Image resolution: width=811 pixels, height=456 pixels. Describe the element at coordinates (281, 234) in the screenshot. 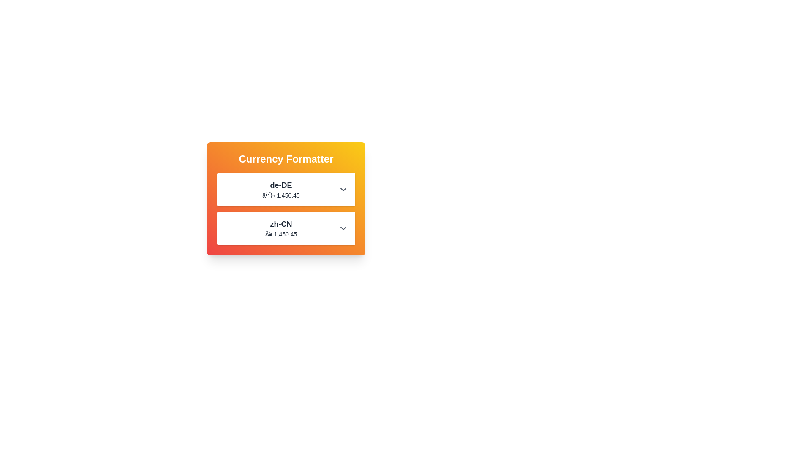

I see `the Text label that displays a currency value, positioned below the 'zh-CN' label within a card` at that location.